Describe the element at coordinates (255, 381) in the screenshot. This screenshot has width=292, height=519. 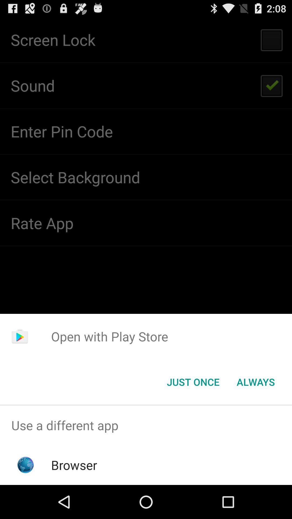
I see `the icon next to the just once button` at that location.